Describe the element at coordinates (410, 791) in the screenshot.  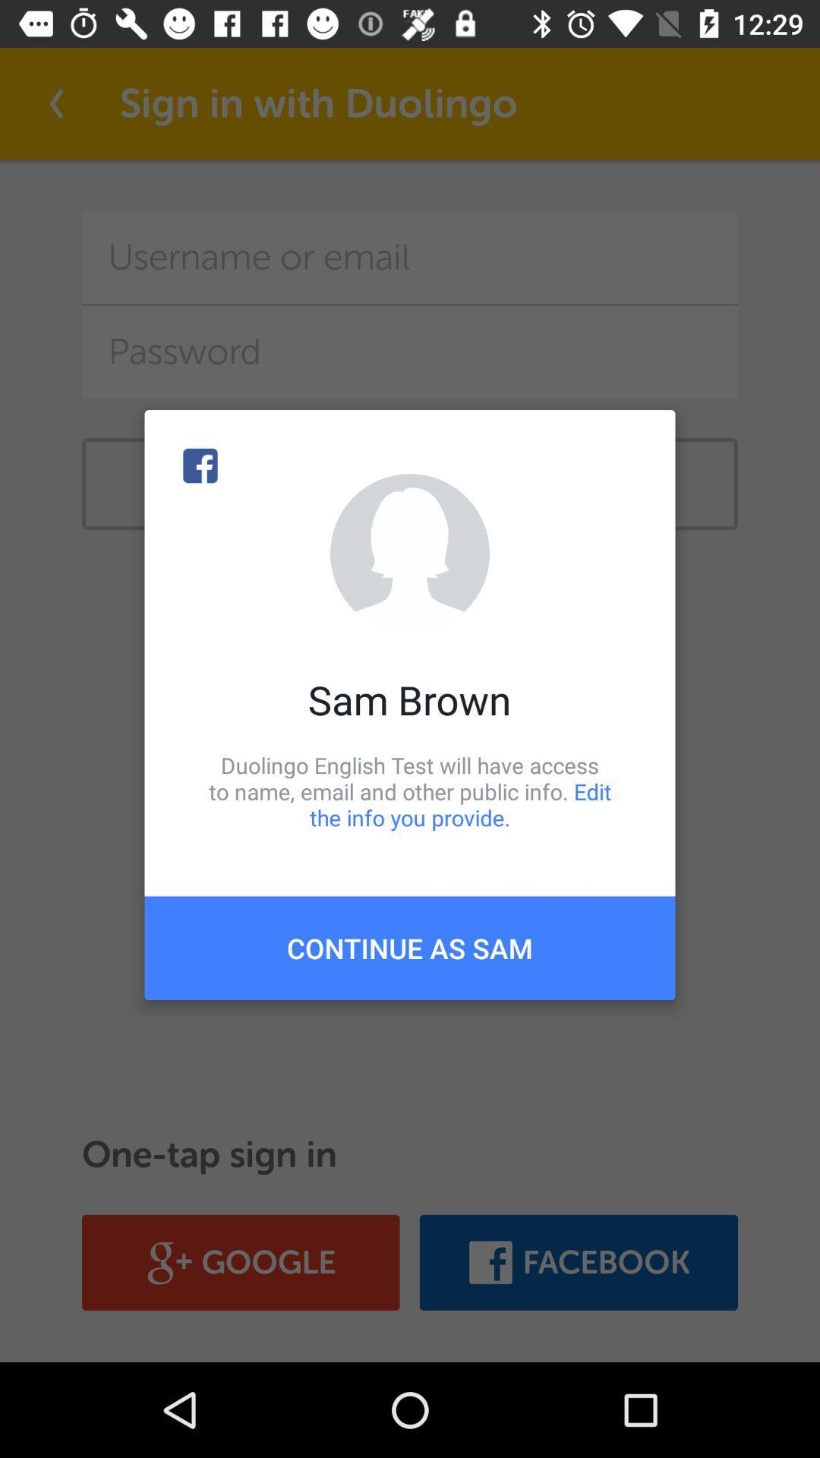
I see `icon above continue as sam` at that location.